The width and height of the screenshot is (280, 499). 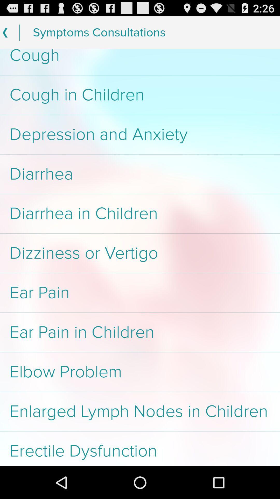 I want to click on the app below elbow problem app, so click(x=140, y=411).